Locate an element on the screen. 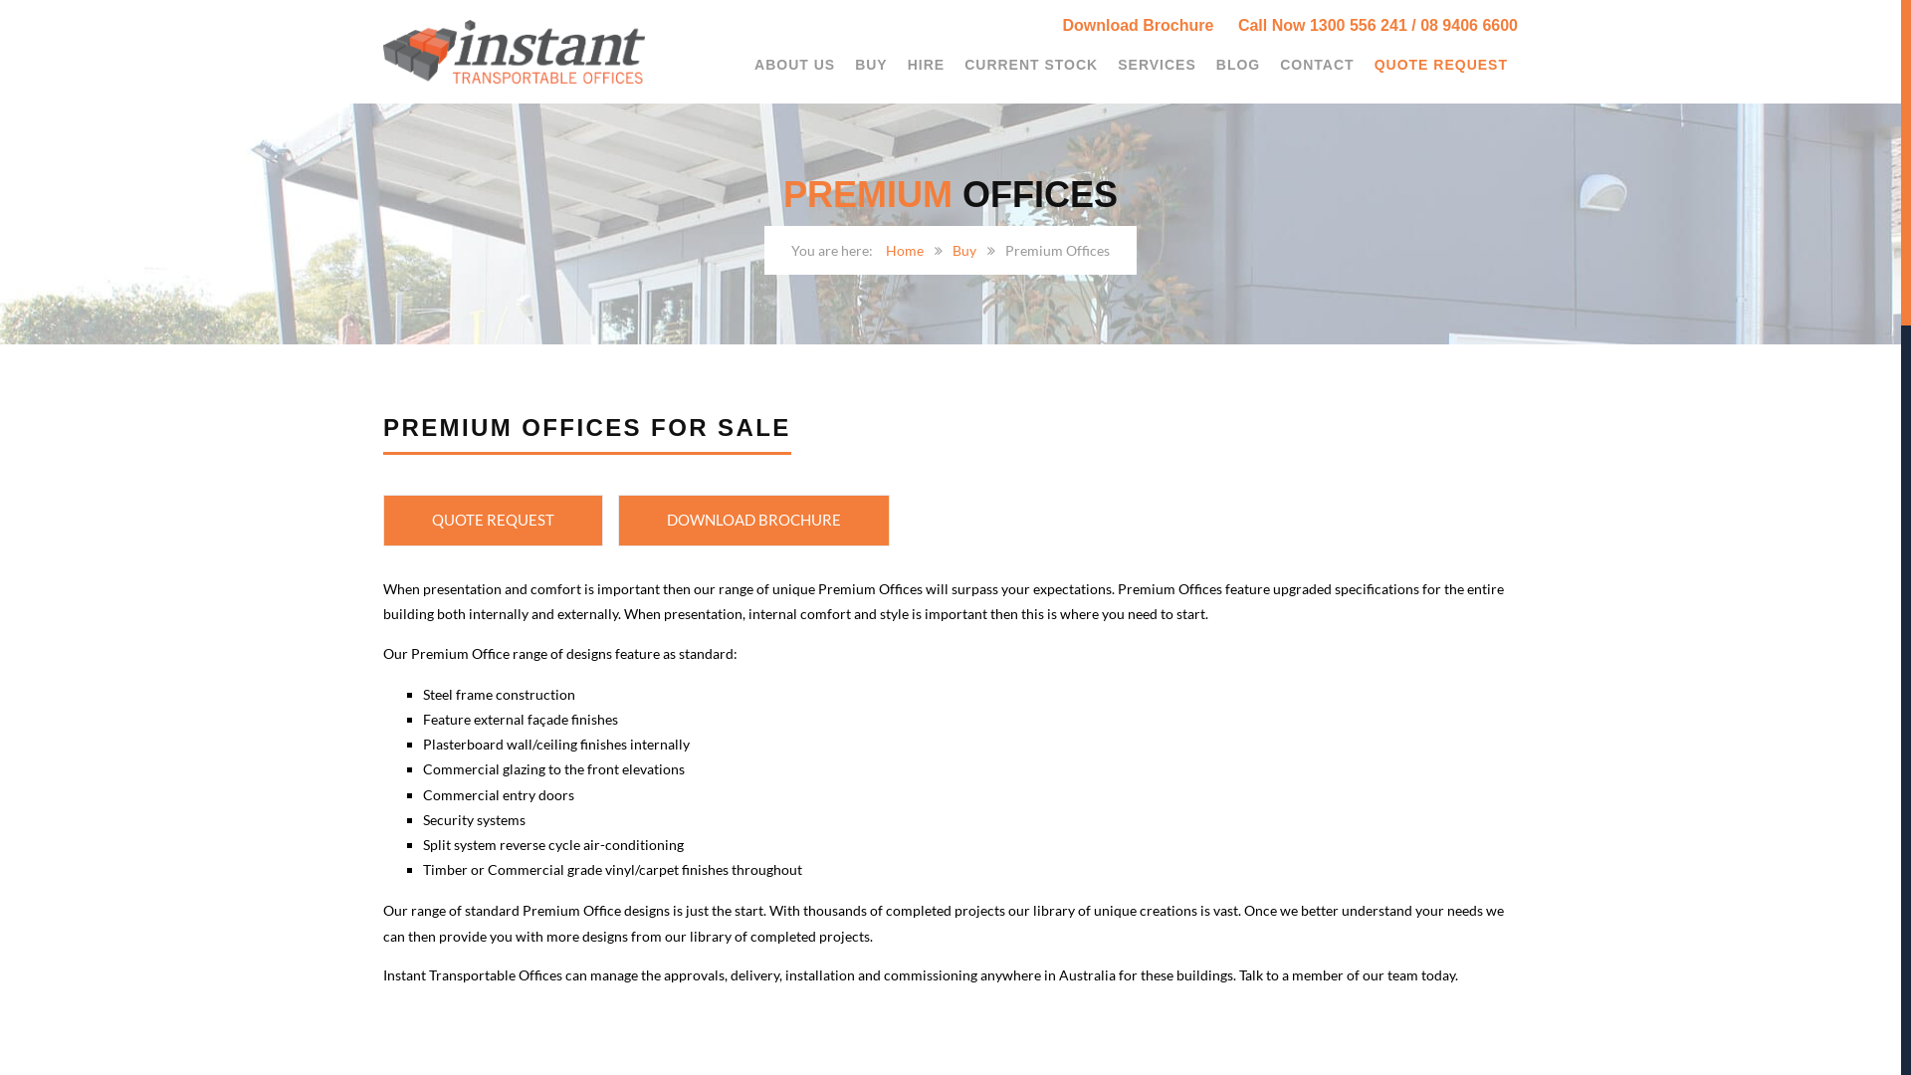  'HIRE' is located at coordinates (897, 64).